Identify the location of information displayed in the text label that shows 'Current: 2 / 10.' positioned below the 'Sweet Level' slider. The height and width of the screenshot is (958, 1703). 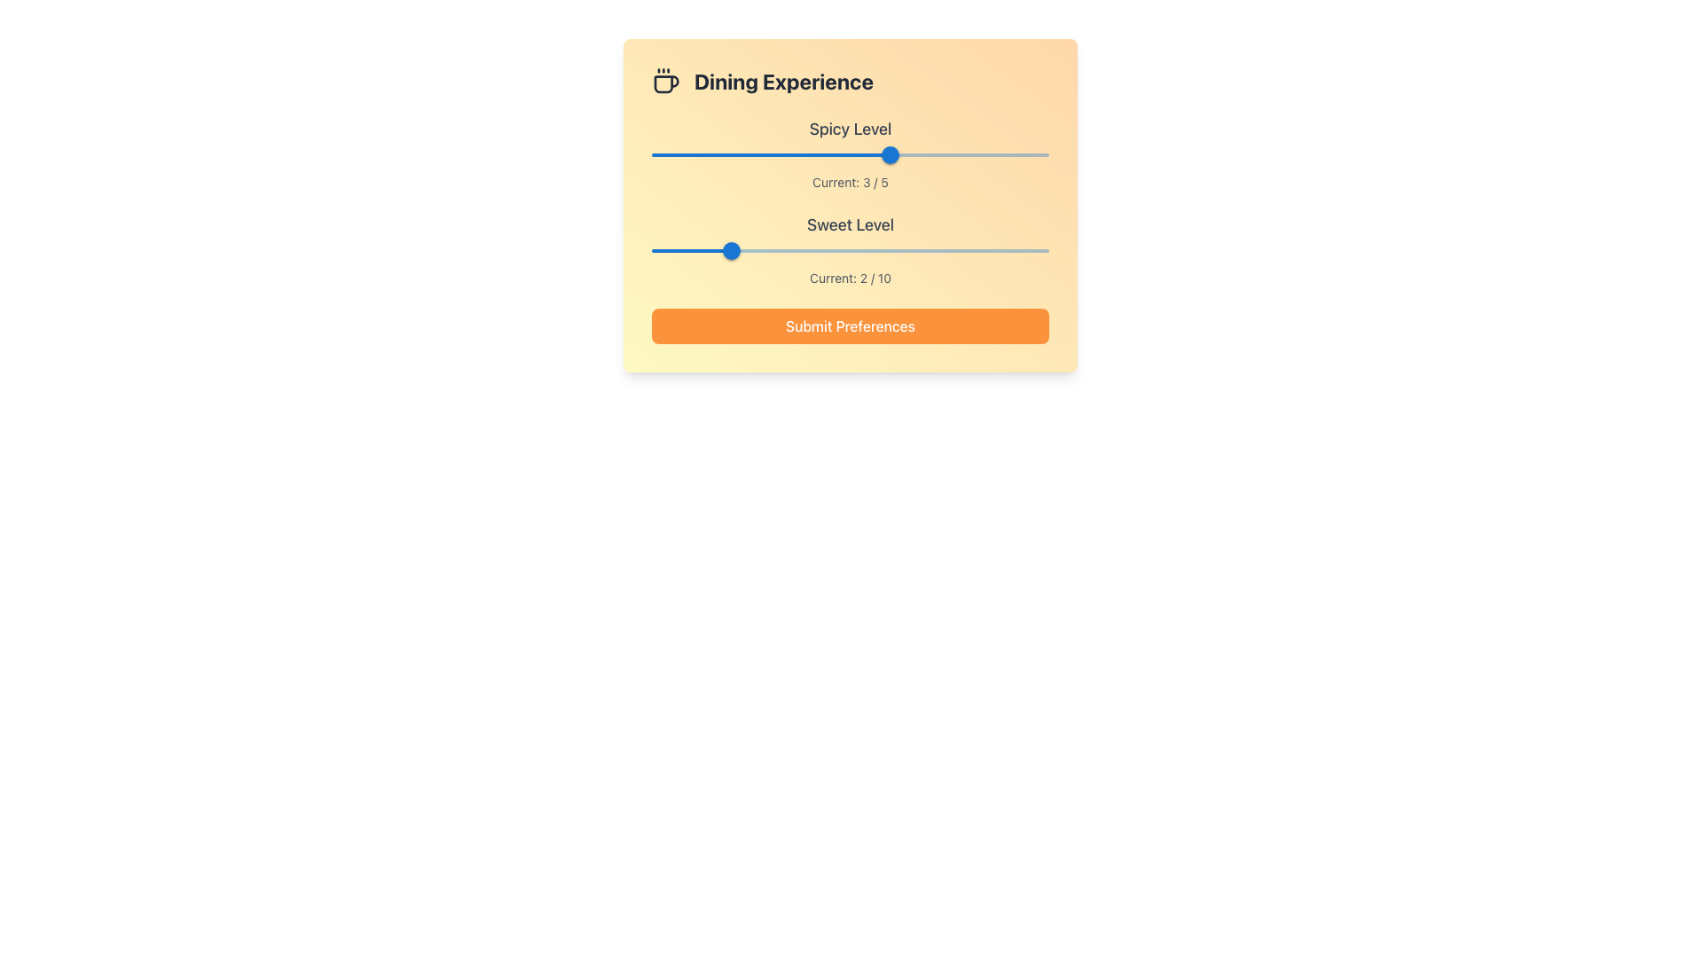
(850, 278).